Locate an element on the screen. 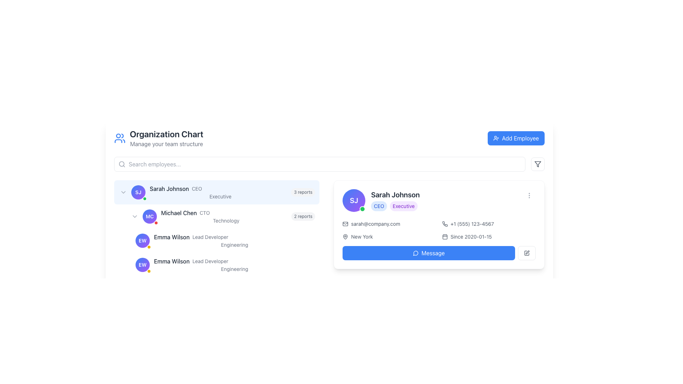  the Text display element for hierarchical information that shows the name and roles of an individual, positioned to the right of the 'SJ' icon and above the '3 reports' label is located at coordinates (220, 192).